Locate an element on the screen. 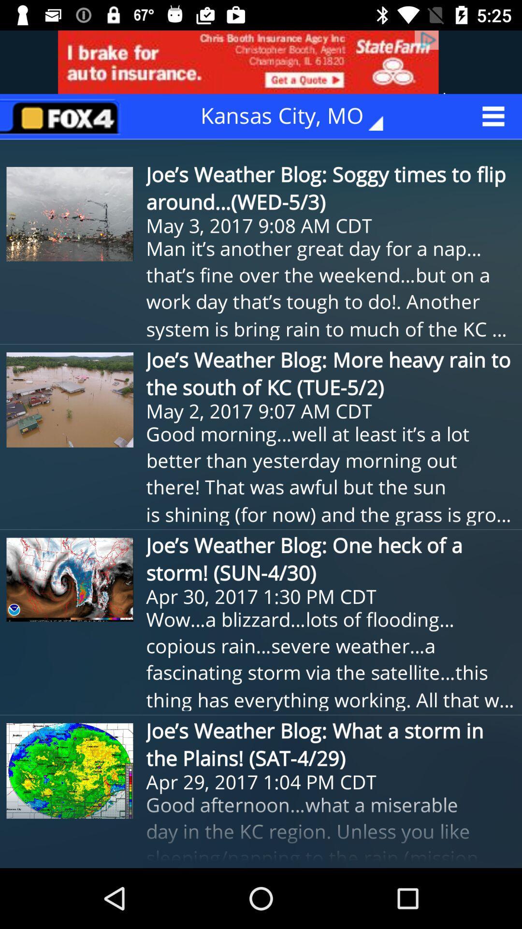 This screenshot has width=522, height=929. advertisement is located at coordinates (261, 61).